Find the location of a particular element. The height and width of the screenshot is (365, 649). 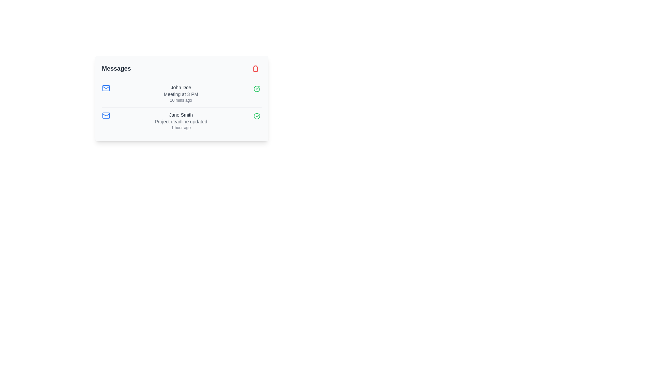

the email message icon associated with the user entry for 'John Doe' in the 'Messages' section is located at coordinates (105, 88).